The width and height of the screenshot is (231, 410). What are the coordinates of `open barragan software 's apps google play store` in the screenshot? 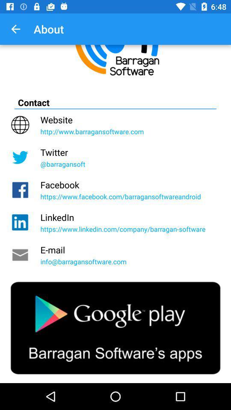 It's located at (115, 328).